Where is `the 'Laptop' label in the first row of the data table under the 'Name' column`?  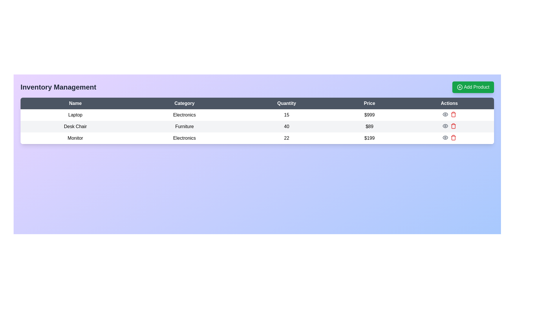
the 'Laptop' label in the first row of the data table under the 'Name' column is located at coordinates (75, 115).